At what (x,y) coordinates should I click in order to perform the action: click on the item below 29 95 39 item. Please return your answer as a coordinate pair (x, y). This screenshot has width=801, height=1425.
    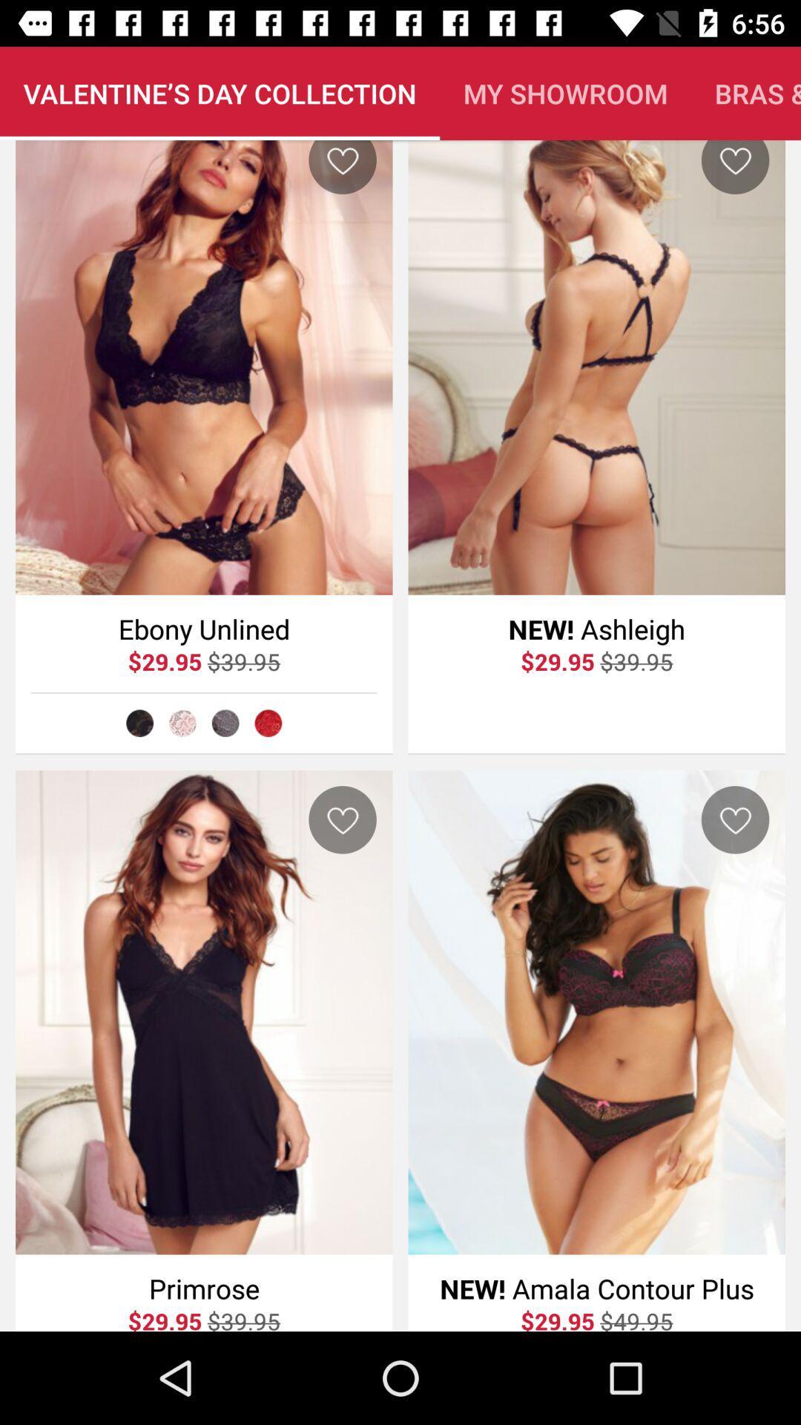
    Looking at the image, I should click on (268, 723).